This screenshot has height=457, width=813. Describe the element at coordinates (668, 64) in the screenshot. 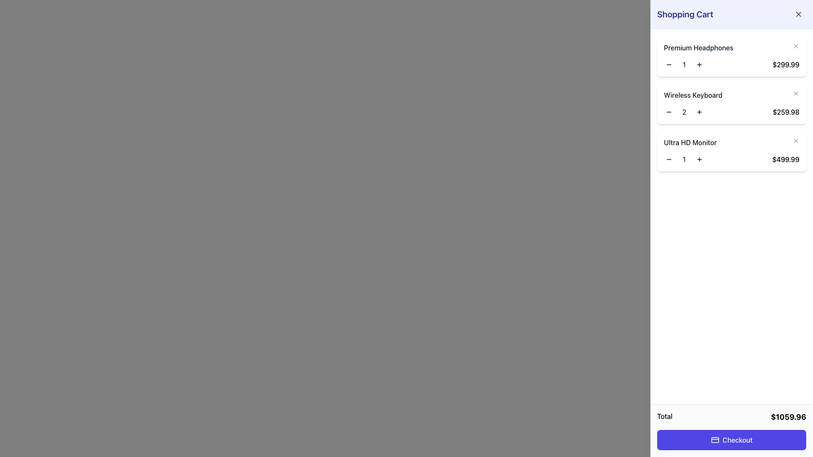

I see `the decrement quantity button located to the left of the quantity number '1' in the shopping cart interface to reduce the quantity of 'Premium Headphones'` at that location.